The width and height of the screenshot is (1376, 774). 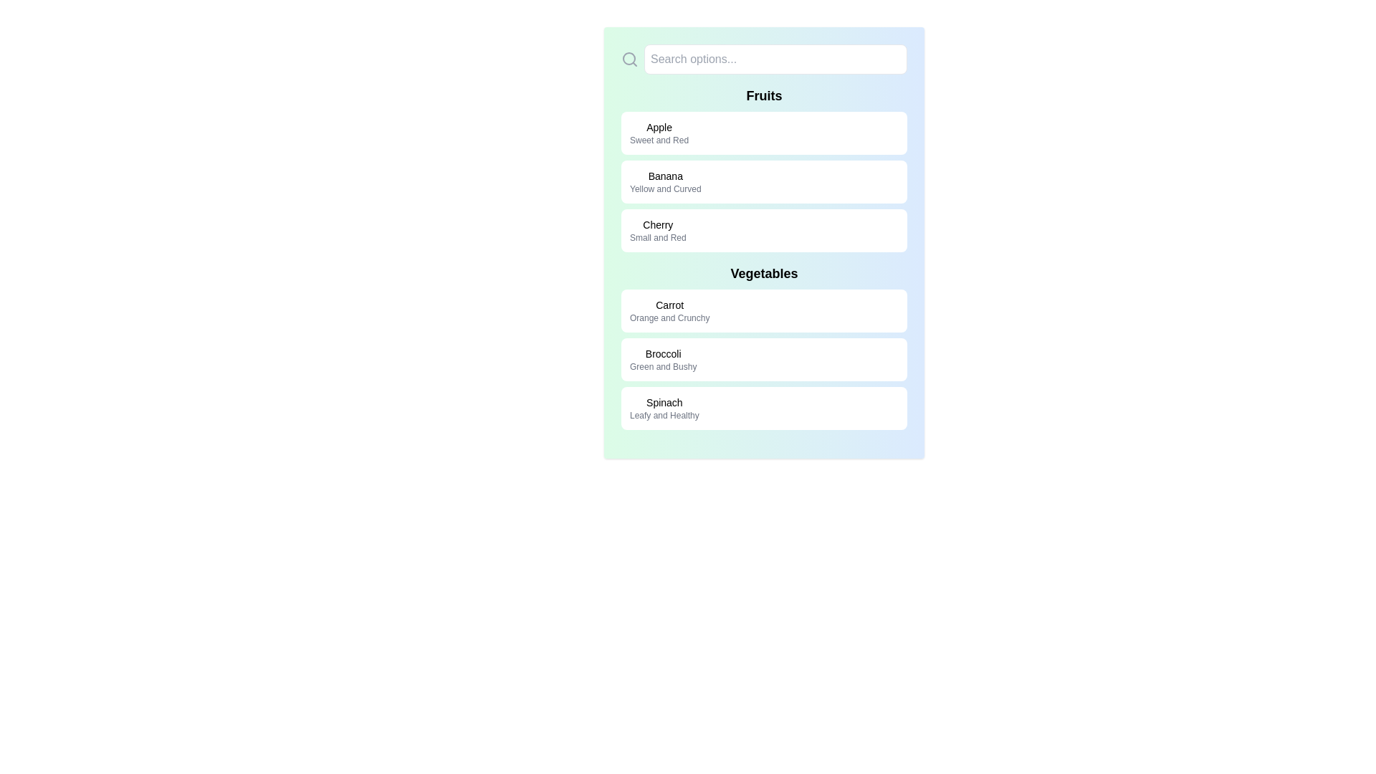 What do you see at coordinates (657, 236) in the screenshot?
I see `text content of the descriptive label 'Small and Red' located below the title 'Cherry' in the 'Fruits' section` at bounding box center [657, 236].